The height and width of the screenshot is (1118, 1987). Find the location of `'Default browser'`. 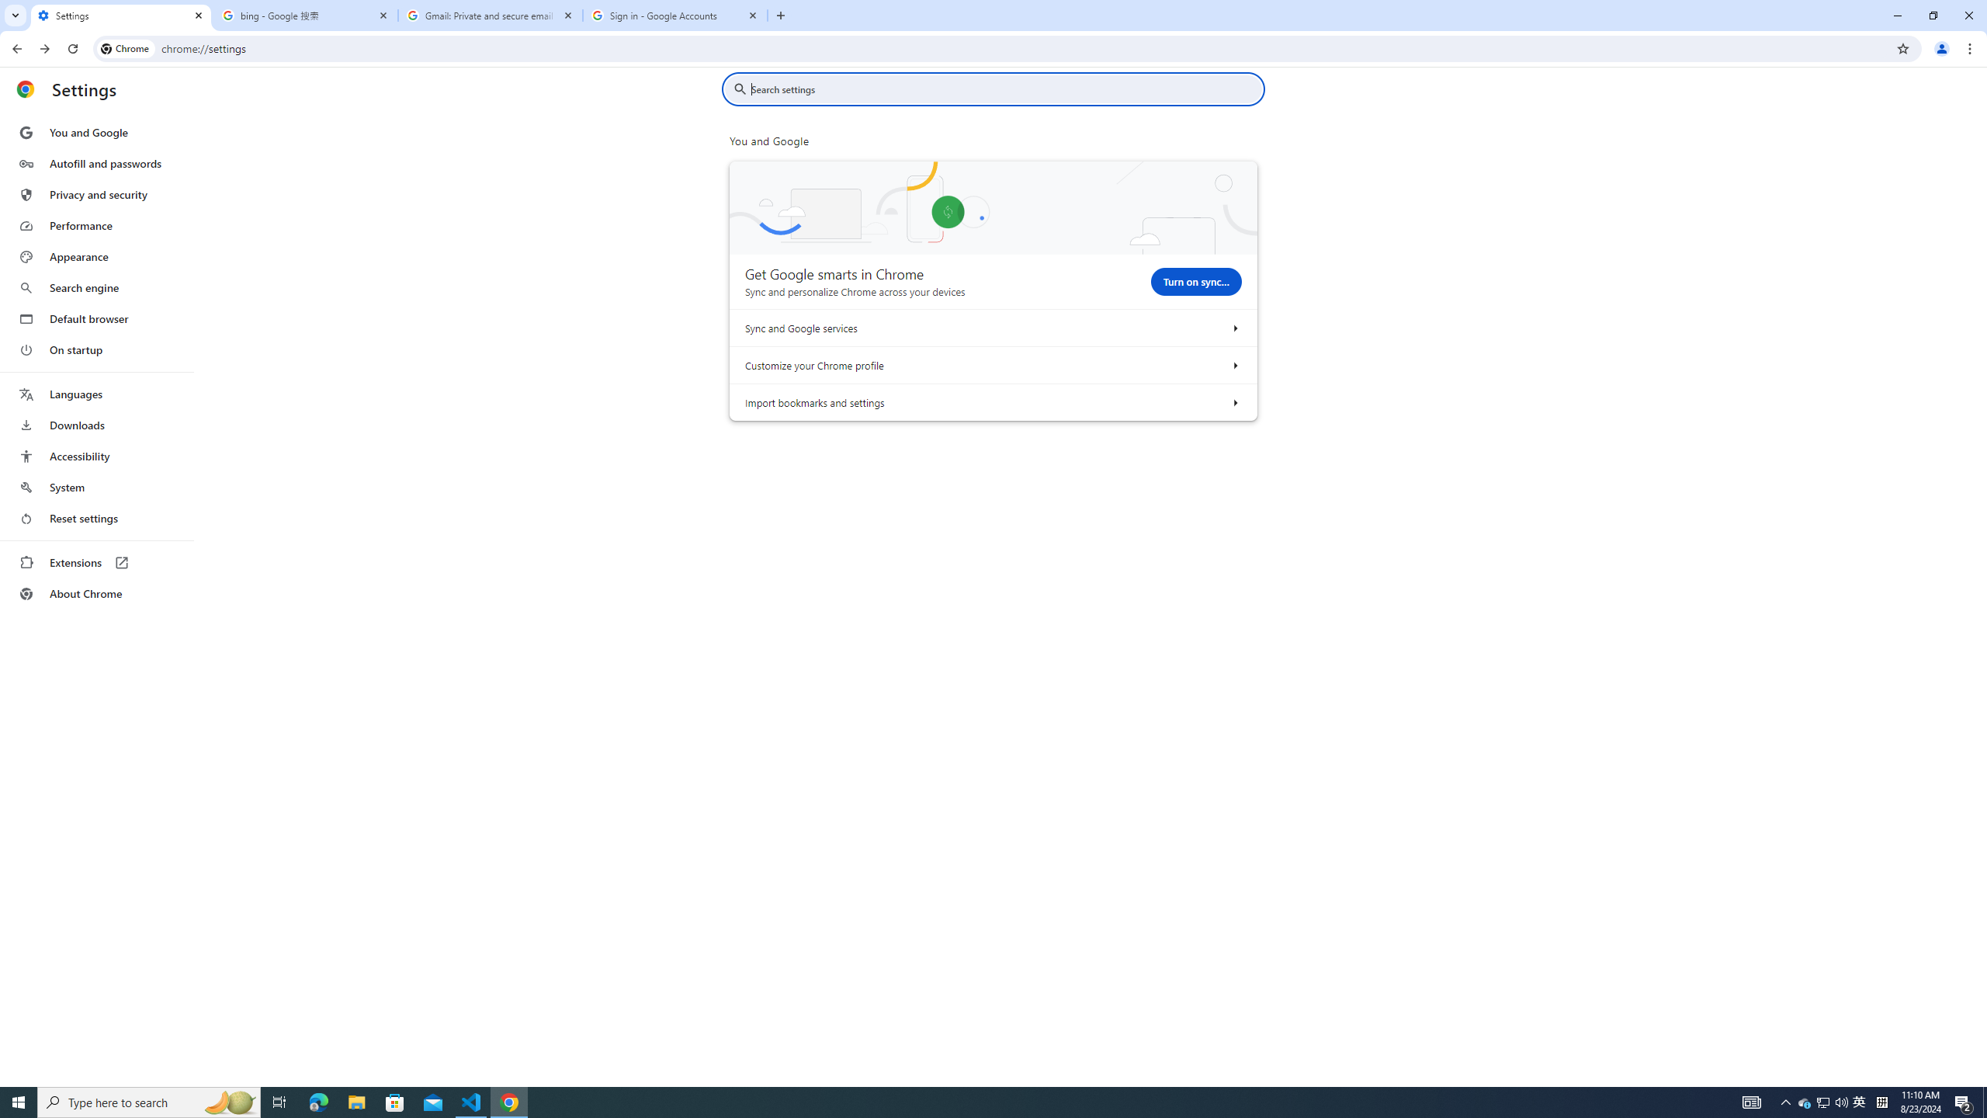

'Default browser' is located at coordinates (95, 318).